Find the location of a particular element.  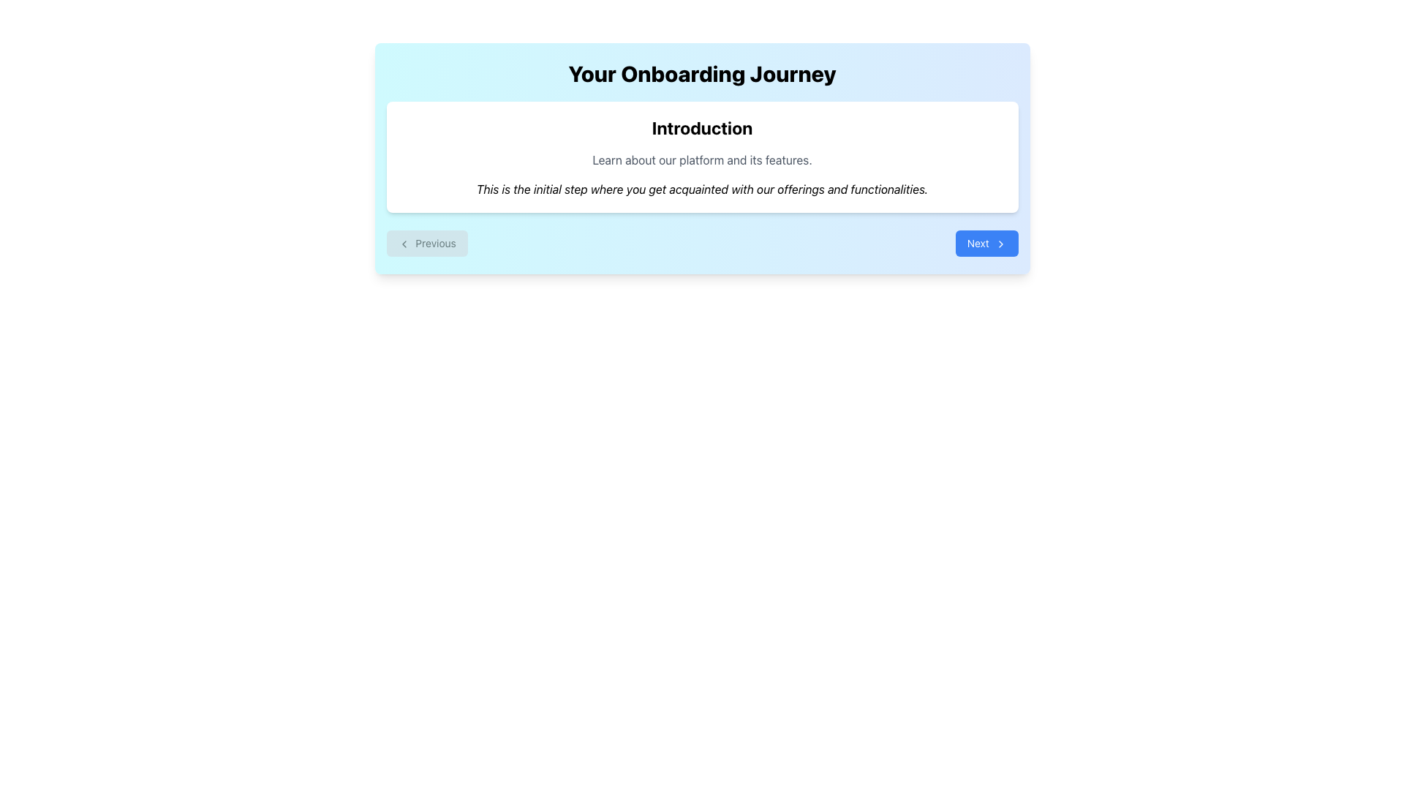

the rectangular blue button labeled 'Next' located at the bottom-right corner of the card-like component for accessibility navigation is located at coordinates (986, 242).